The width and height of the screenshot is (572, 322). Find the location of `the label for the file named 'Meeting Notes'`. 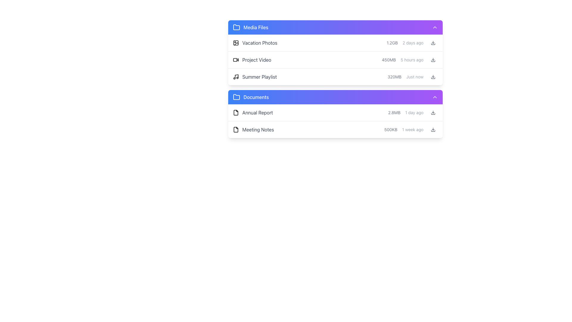

the label for the file named 'Meeting Notes' is located at coordinates (253, 129).